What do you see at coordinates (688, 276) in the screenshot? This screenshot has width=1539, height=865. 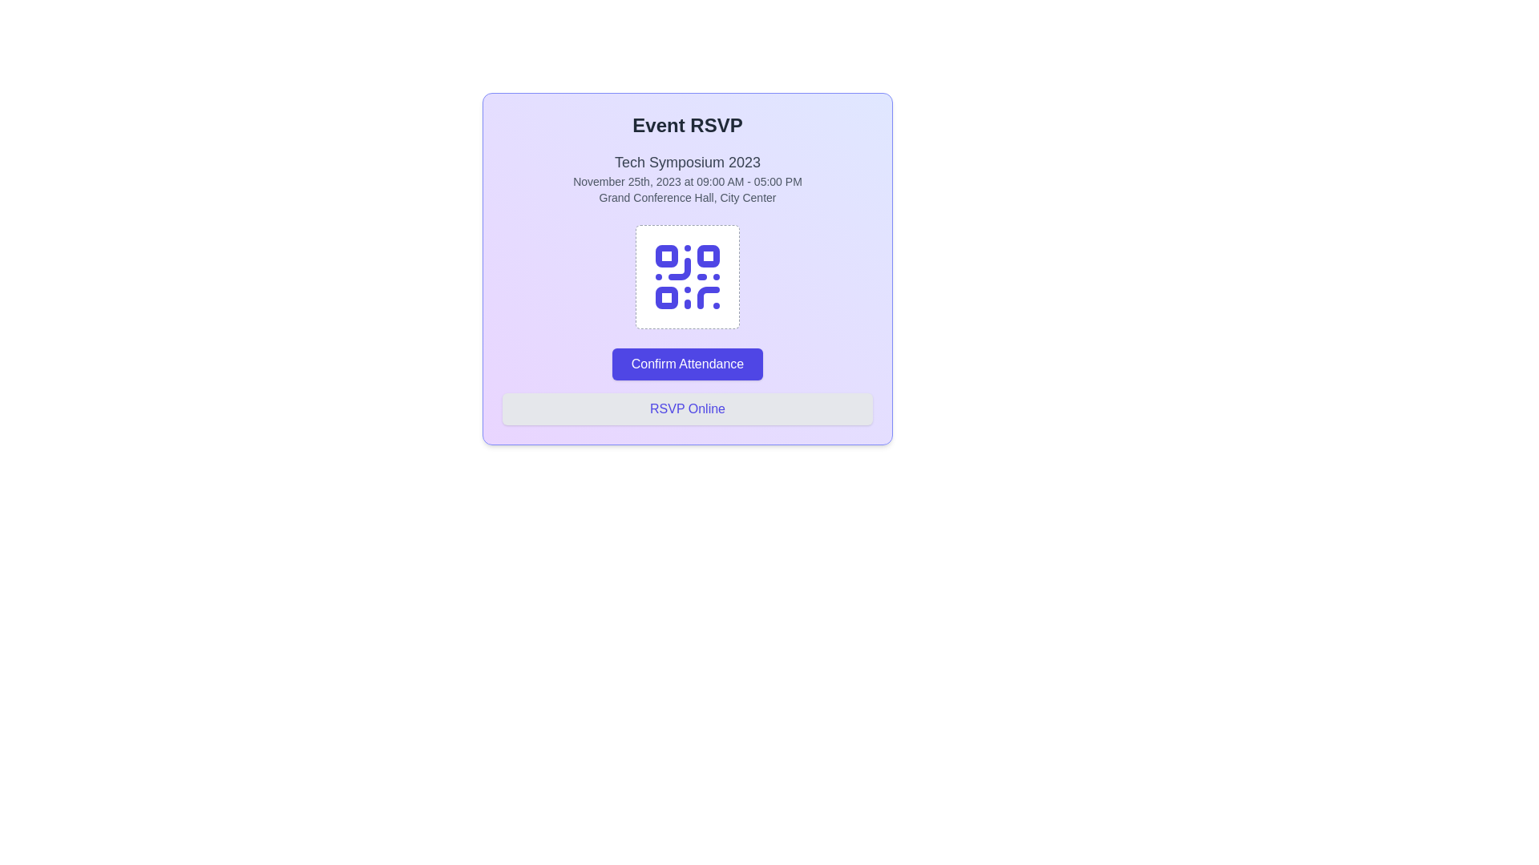 I see `the QR code styled icon, which is a vibrant blue visual element positioned centrally in the RSVP card interface, below the event title and description` at bounding box center [688, 276].